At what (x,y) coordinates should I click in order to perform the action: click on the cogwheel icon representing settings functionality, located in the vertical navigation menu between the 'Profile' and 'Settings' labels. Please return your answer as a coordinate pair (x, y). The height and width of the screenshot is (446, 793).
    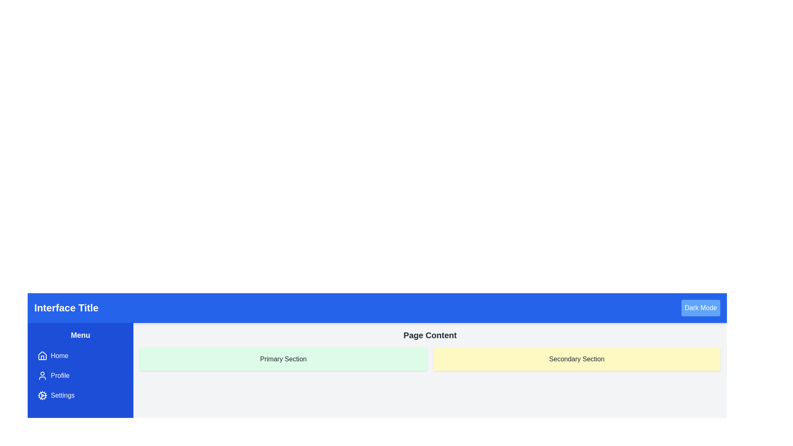
    Looking at the image, I should click on (42, 395).